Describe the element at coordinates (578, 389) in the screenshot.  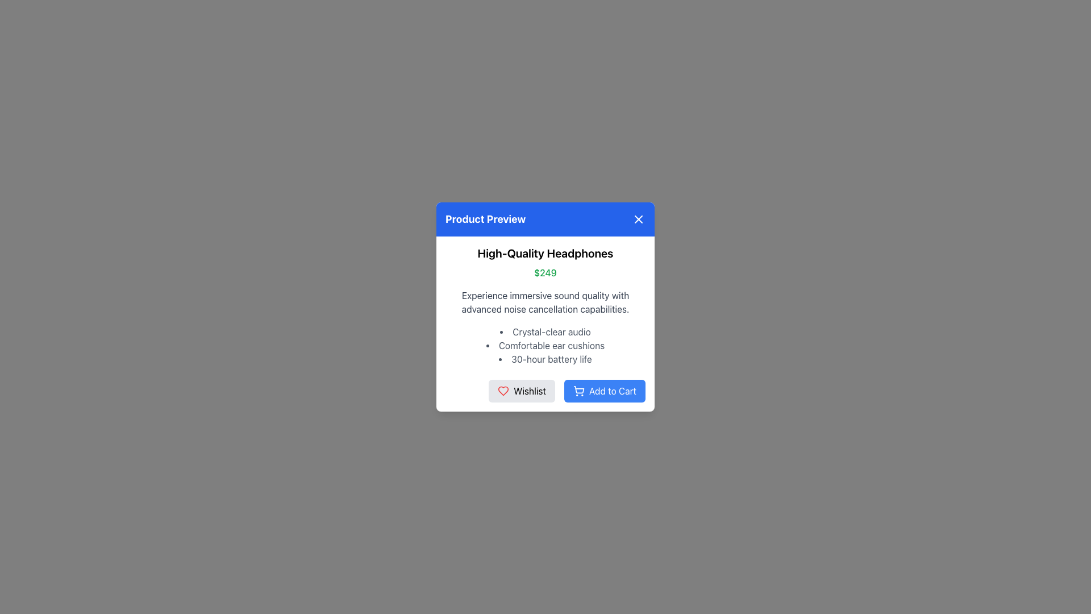
I see `the 'Add to Cart' button, which features a shopping cart icon embedded within an SVG graphic` at that location.